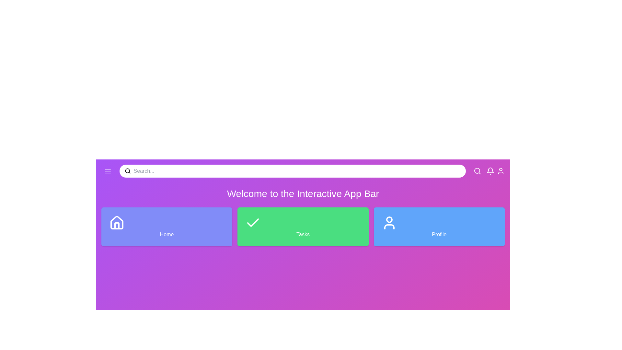 The height and width of the screenshot is (350, 622). What do you see at coordinates (500, 171) in the screenshot?
I see `the navigation button profile` at bounding box center [500, 171].